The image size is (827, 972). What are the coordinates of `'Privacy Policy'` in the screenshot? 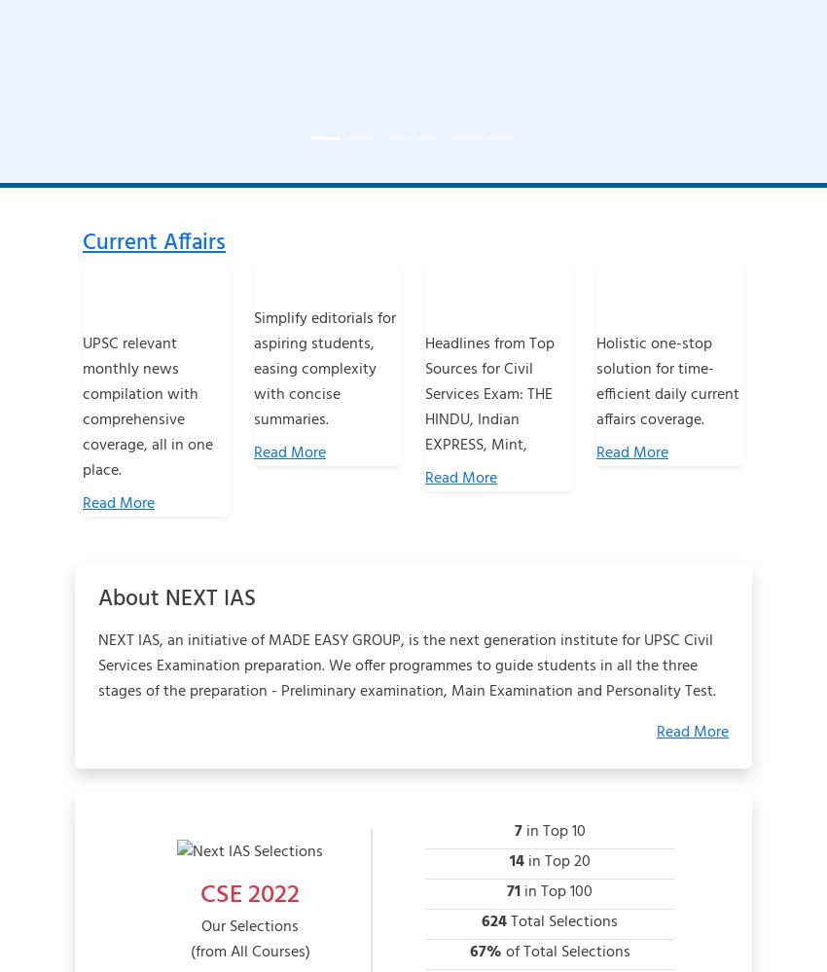 It's located at (369, 802).